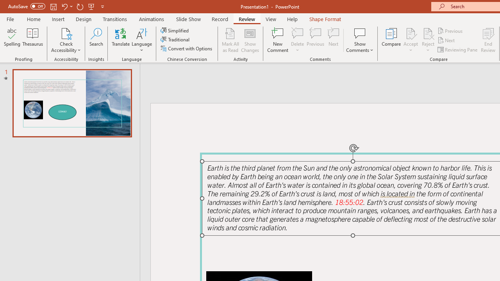 This screenshot has height=281, width=500. Describe the element at coordinates (12, 40) in the screenshot. I see `'Spelling...'` at that location.